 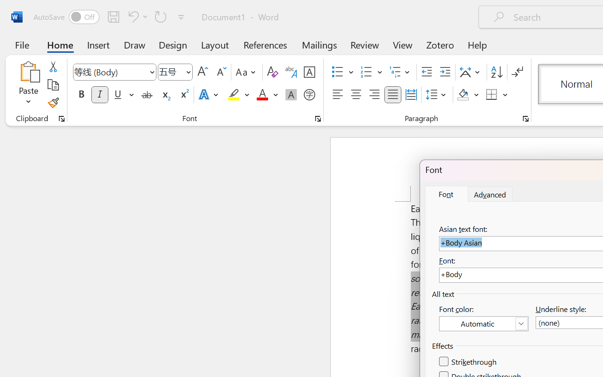 I want to click on 'Align Right', so click(x=374, y=95).